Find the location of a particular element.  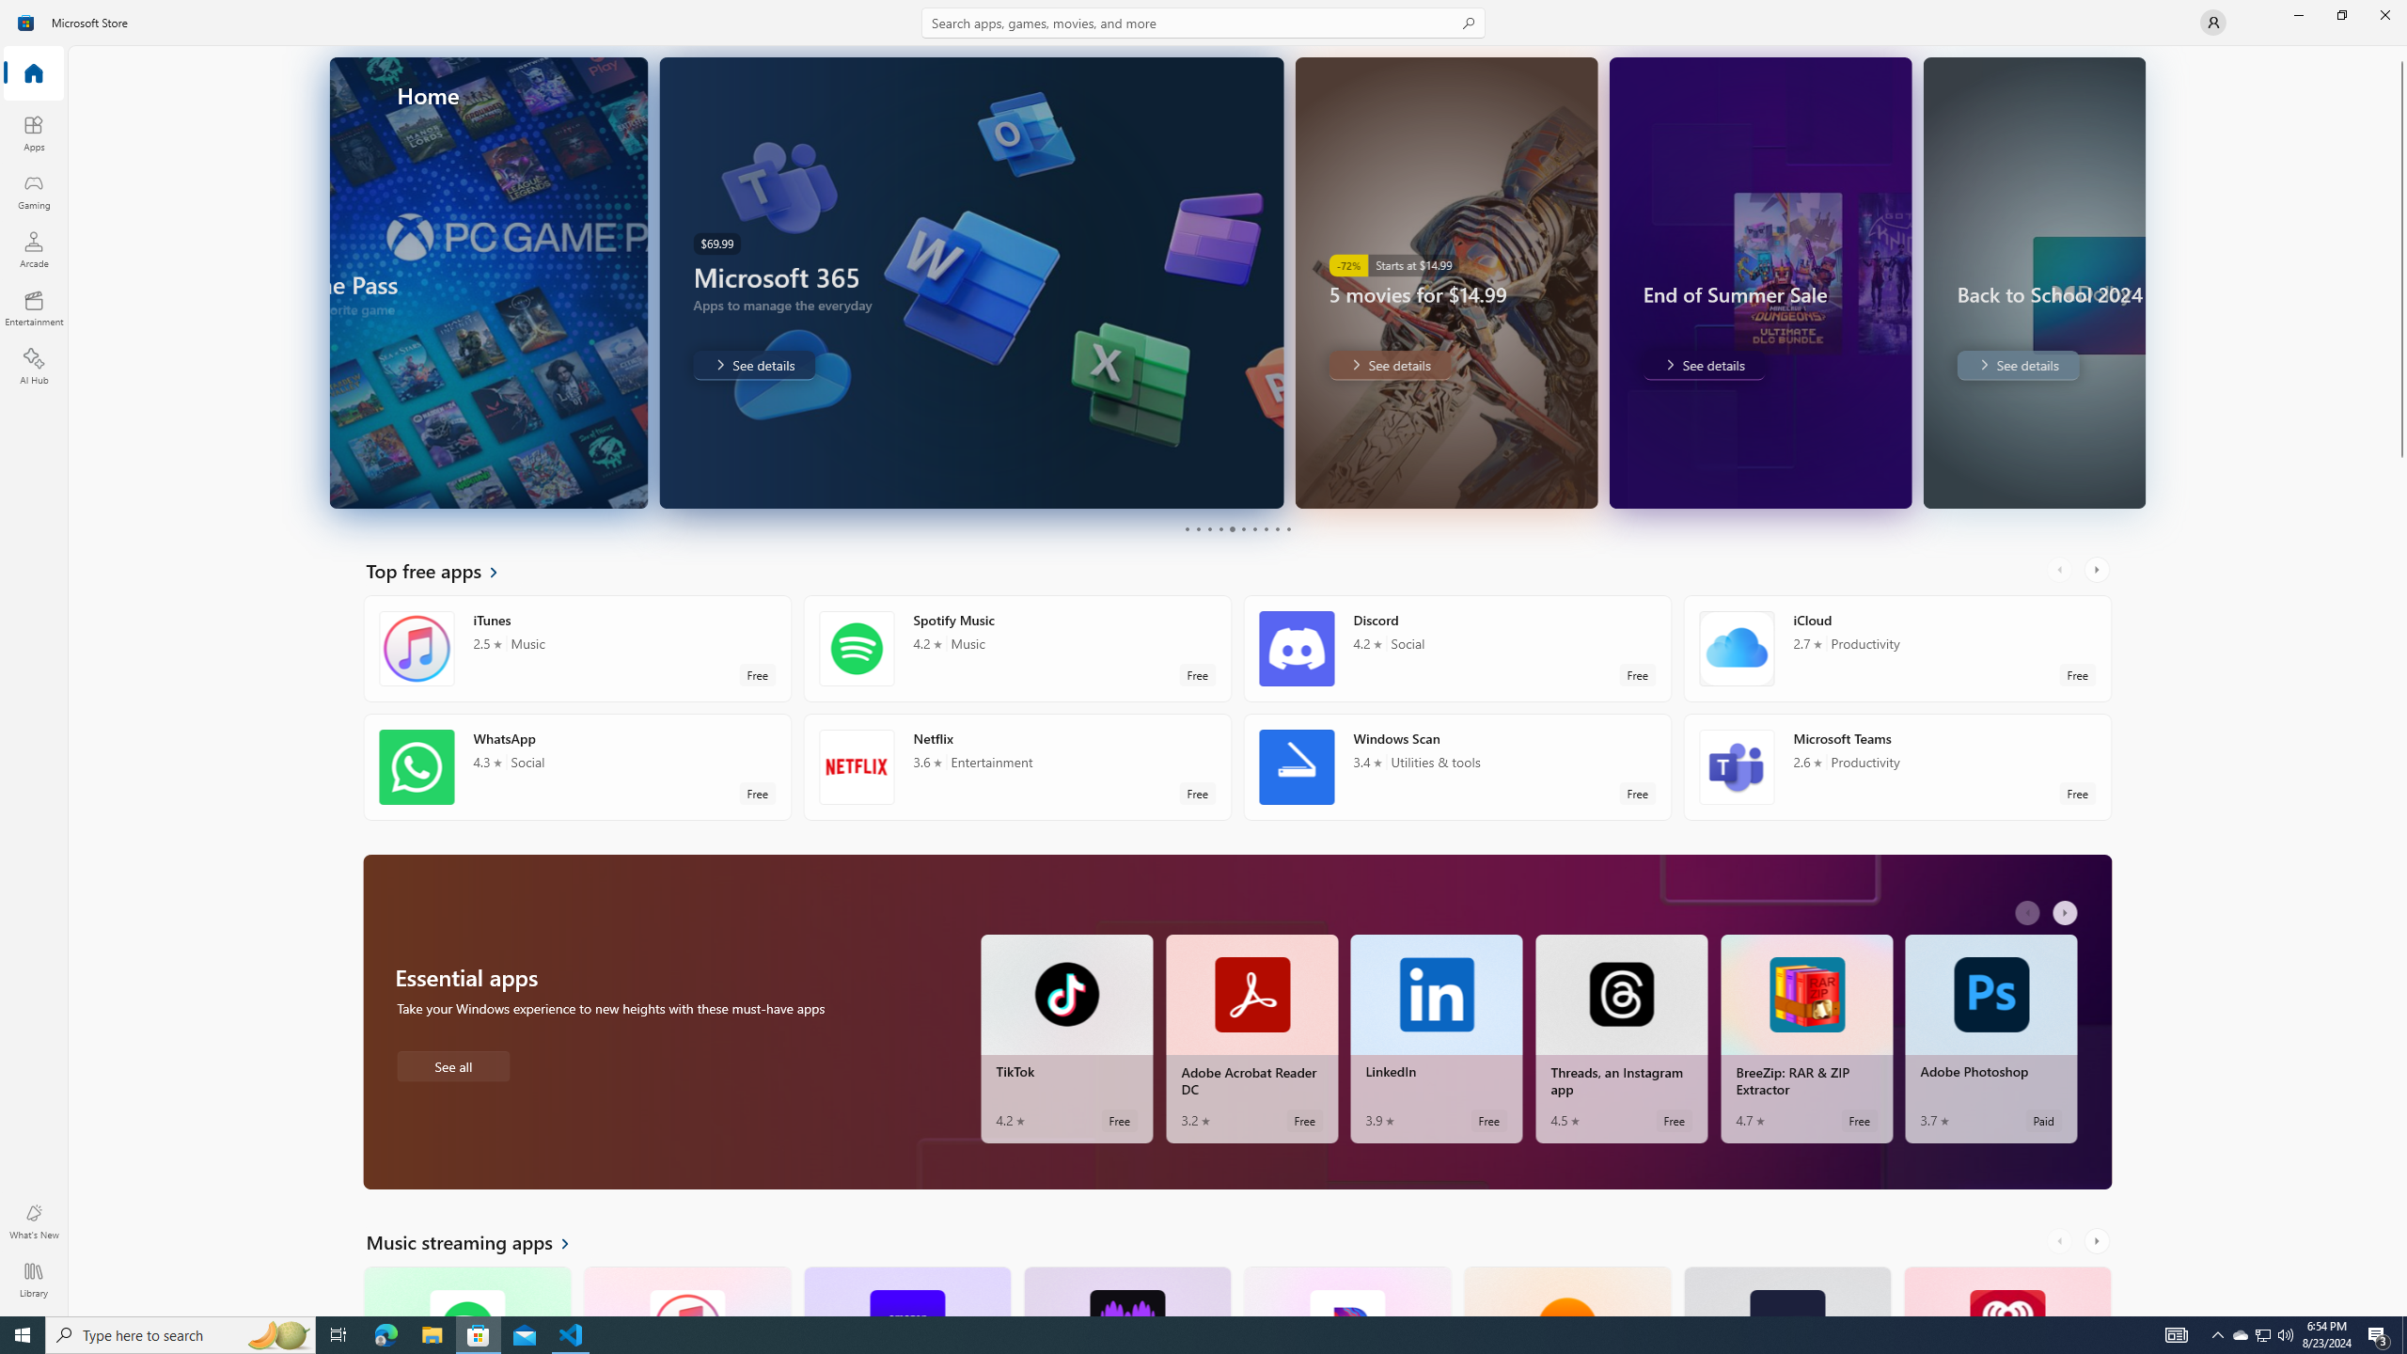

'Entertainment' is located at coordinates (32, 307).